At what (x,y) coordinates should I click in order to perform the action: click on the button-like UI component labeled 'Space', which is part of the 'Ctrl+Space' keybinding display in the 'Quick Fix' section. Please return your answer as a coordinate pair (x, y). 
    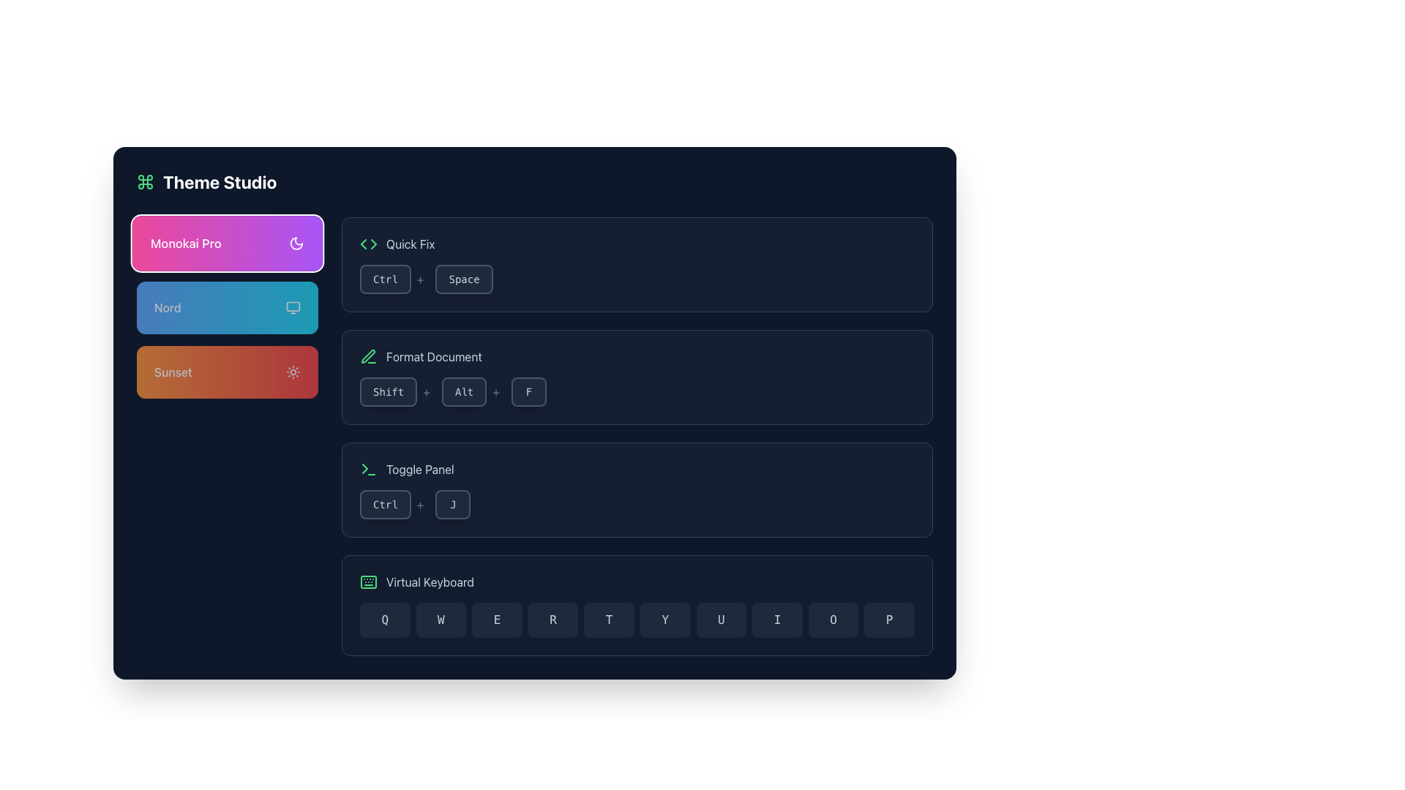
    Looking at the image, I should click on (463, 279).